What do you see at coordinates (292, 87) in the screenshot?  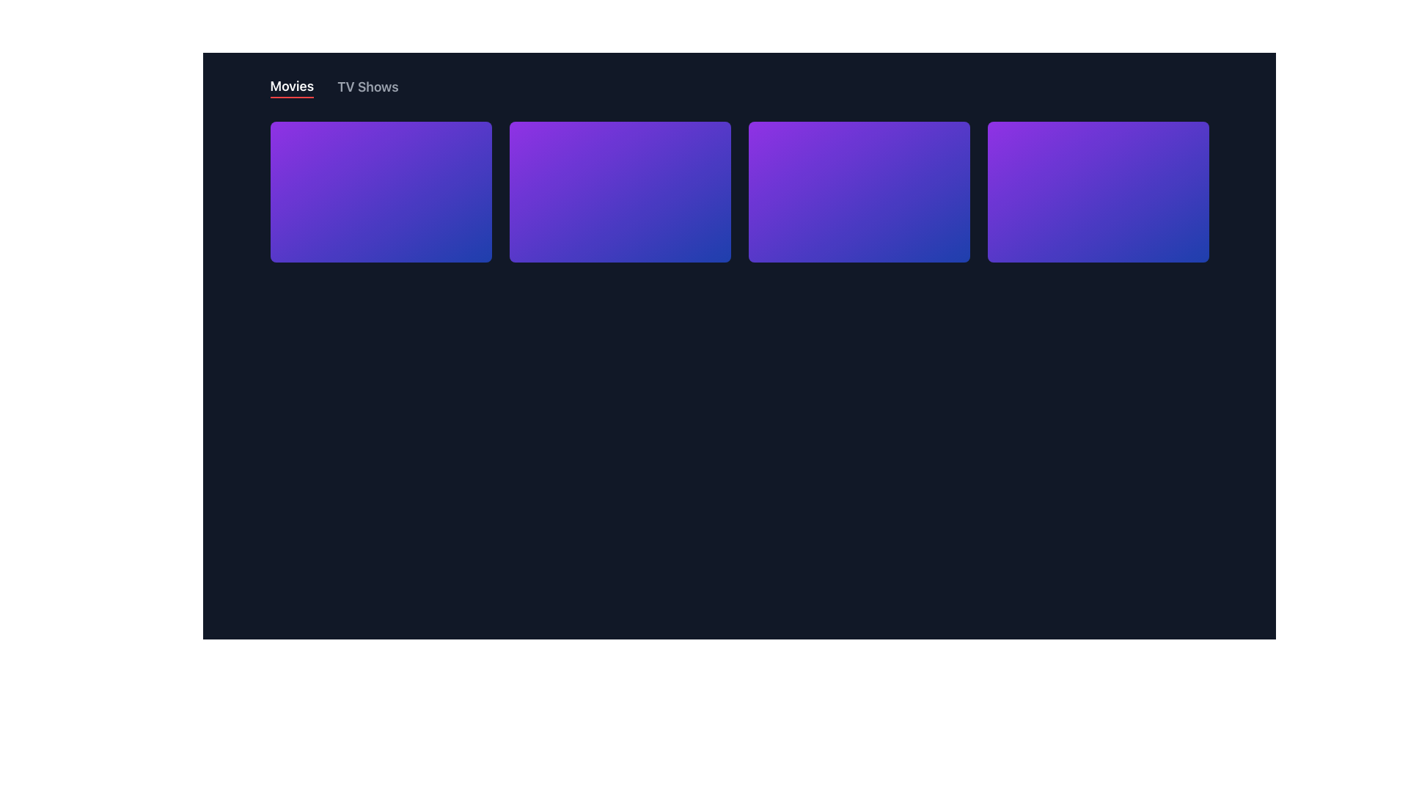 I see `the button located in the top left part of the interface, to the left of the 'TV Shows' label` at bounding box center [292, 87].